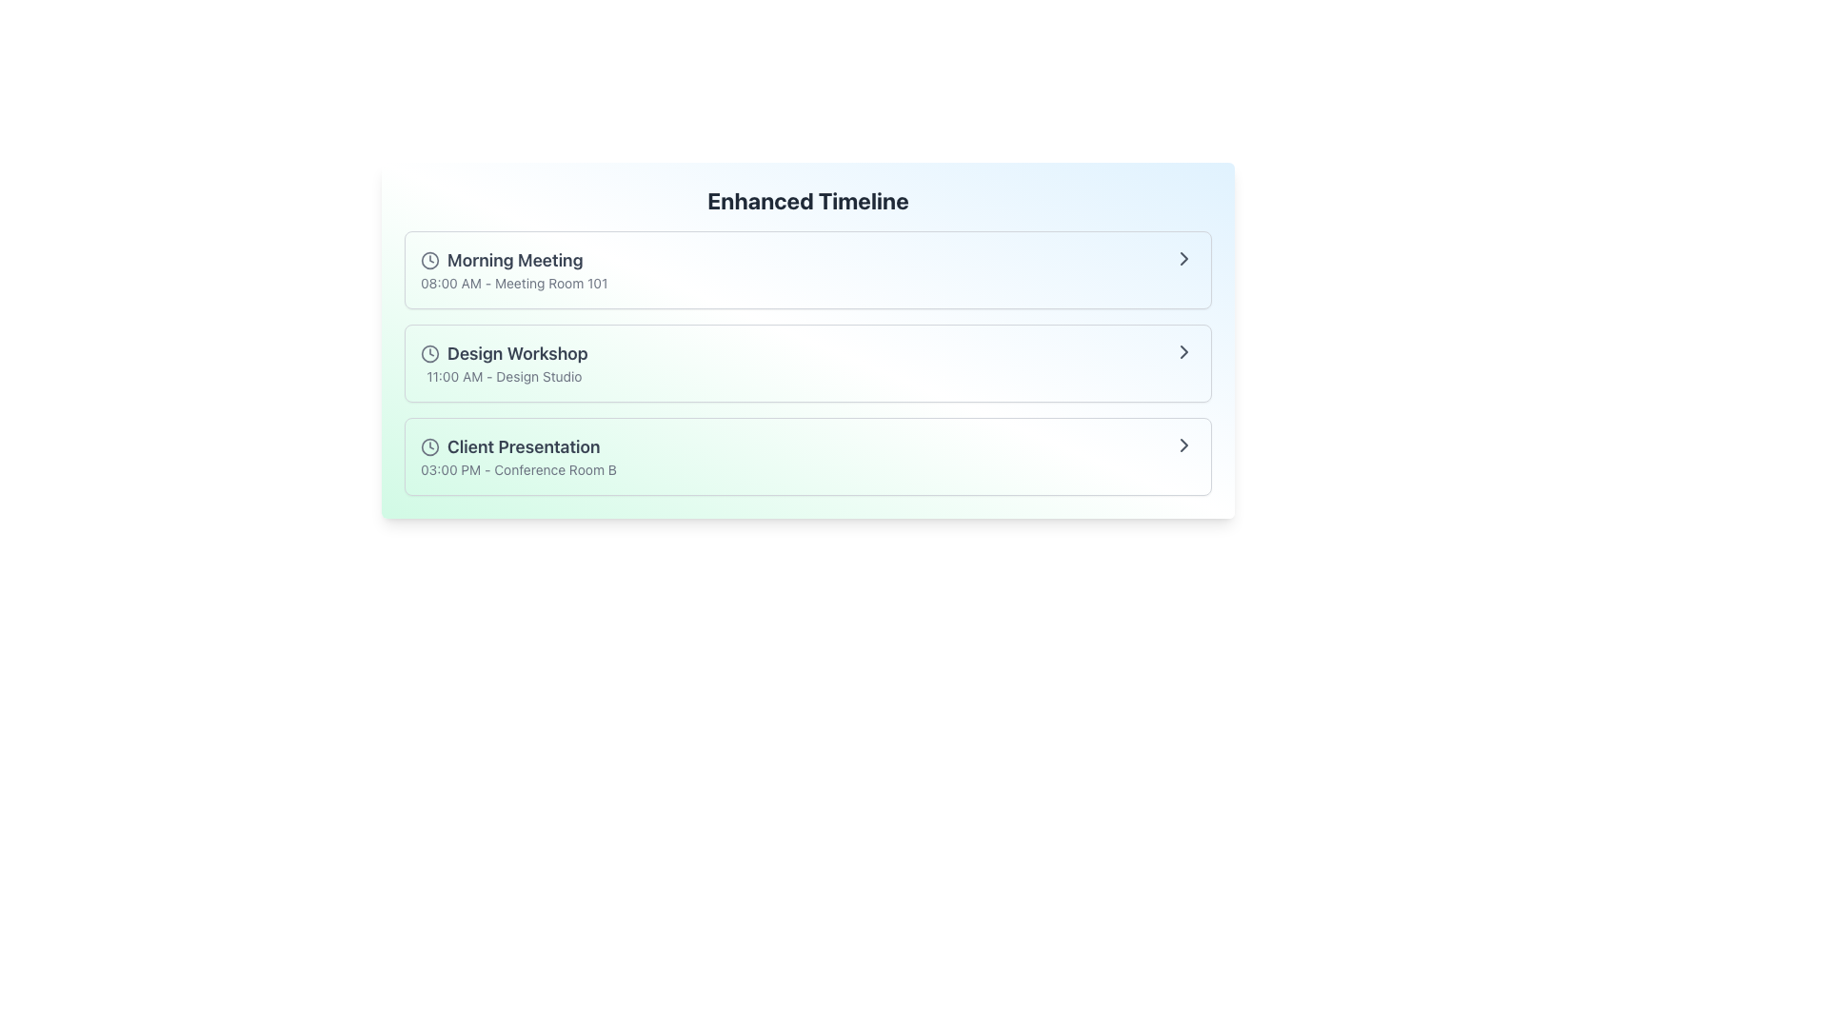 This screenshot has height=1028, width=1828. Describe the element at coordinates (428, 260) in the screenshot. I see `the decorative SVG Circle element representing the time for the 'Morning Meeting' entry, located to the left of the entry in the timeline interface` at that location.